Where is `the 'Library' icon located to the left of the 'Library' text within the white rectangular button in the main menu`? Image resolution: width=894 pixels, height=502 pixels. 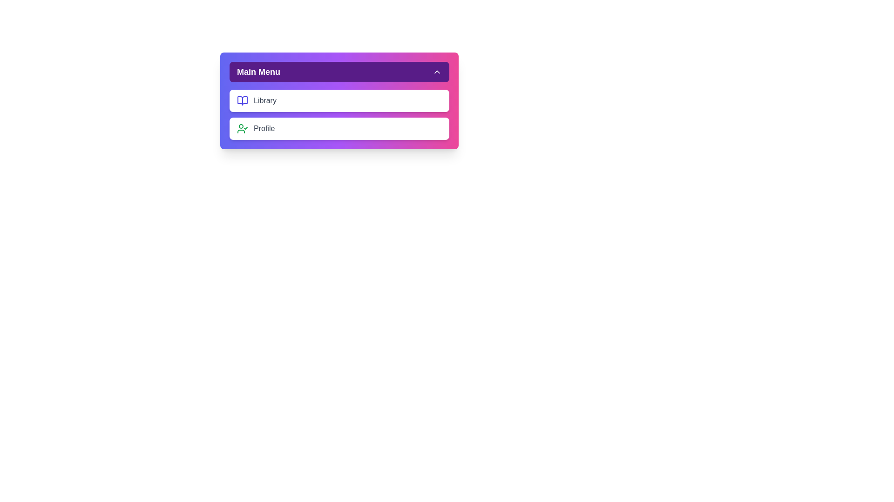 the 'Library' icon located to the left of the 'Library' text within the white rectangular button in the main menu is located at coordinates (243, 100).